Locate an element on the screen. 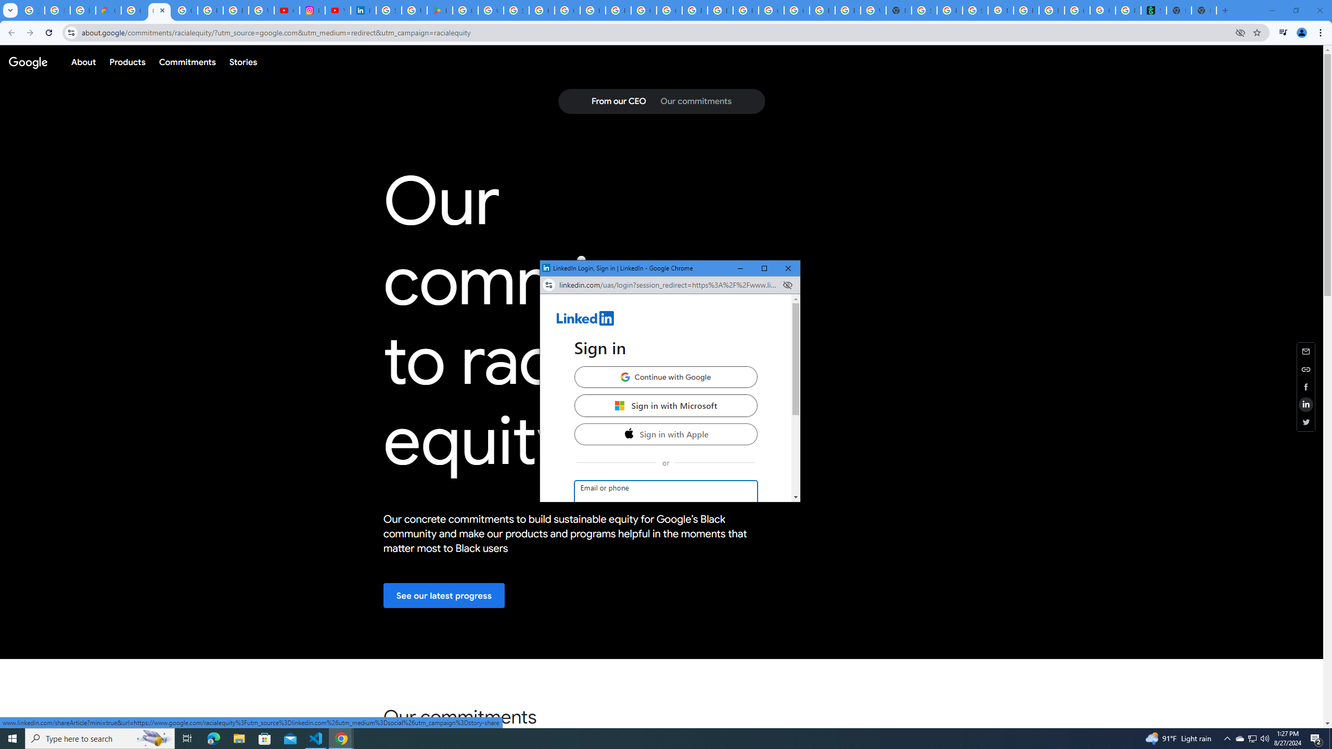 The width and height of the screenshot is (1332, 749). 'Notification Chevron' is located at coordinates (1227, 738).